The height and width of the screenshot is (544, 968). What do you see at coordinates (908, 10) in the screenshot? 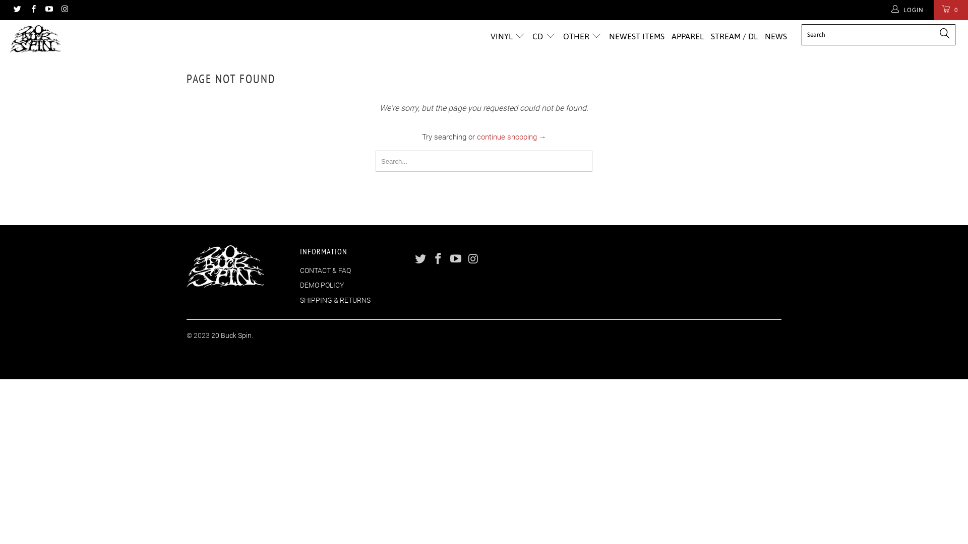
I see `'LOGIN'` at bounding box center [908, 10].